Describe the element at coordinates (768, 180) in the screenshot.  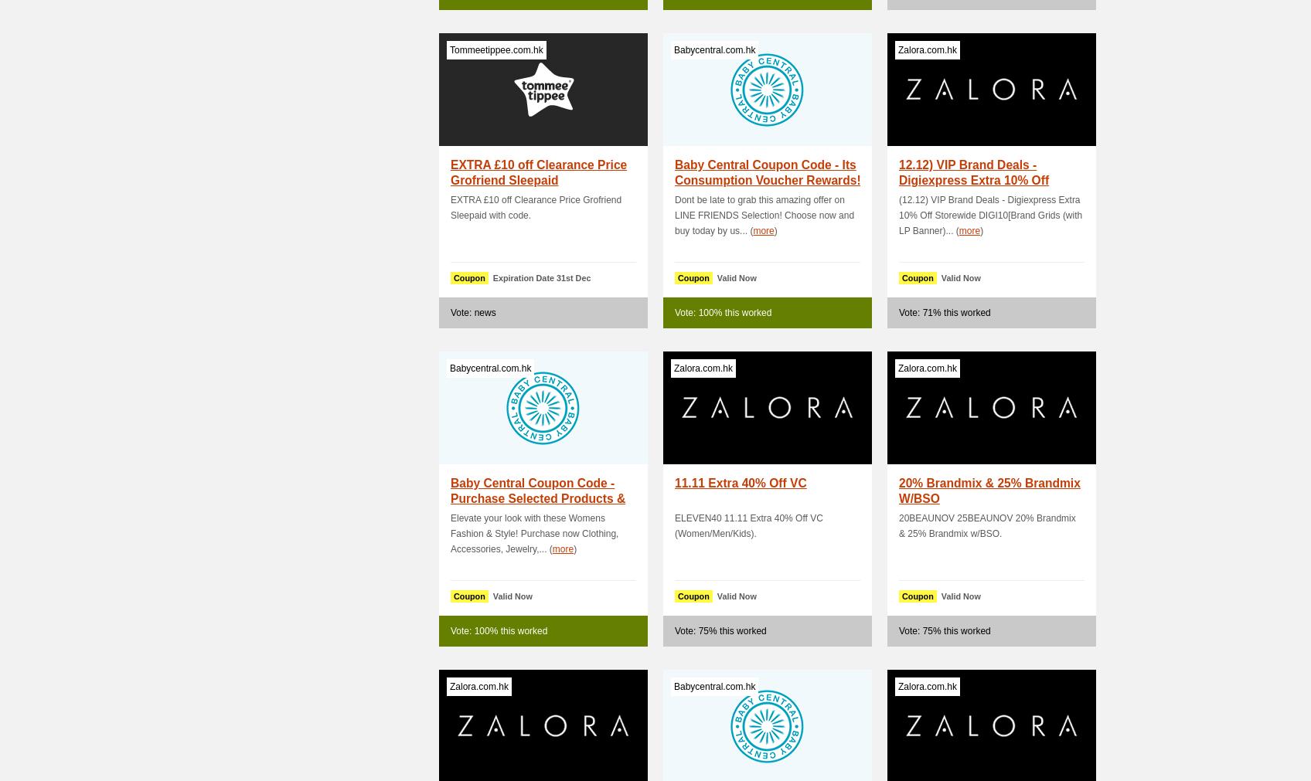
I see `'Baby Central Coupon Code - Its Consumption Voucher Rewards! Shop On.'` at that location.